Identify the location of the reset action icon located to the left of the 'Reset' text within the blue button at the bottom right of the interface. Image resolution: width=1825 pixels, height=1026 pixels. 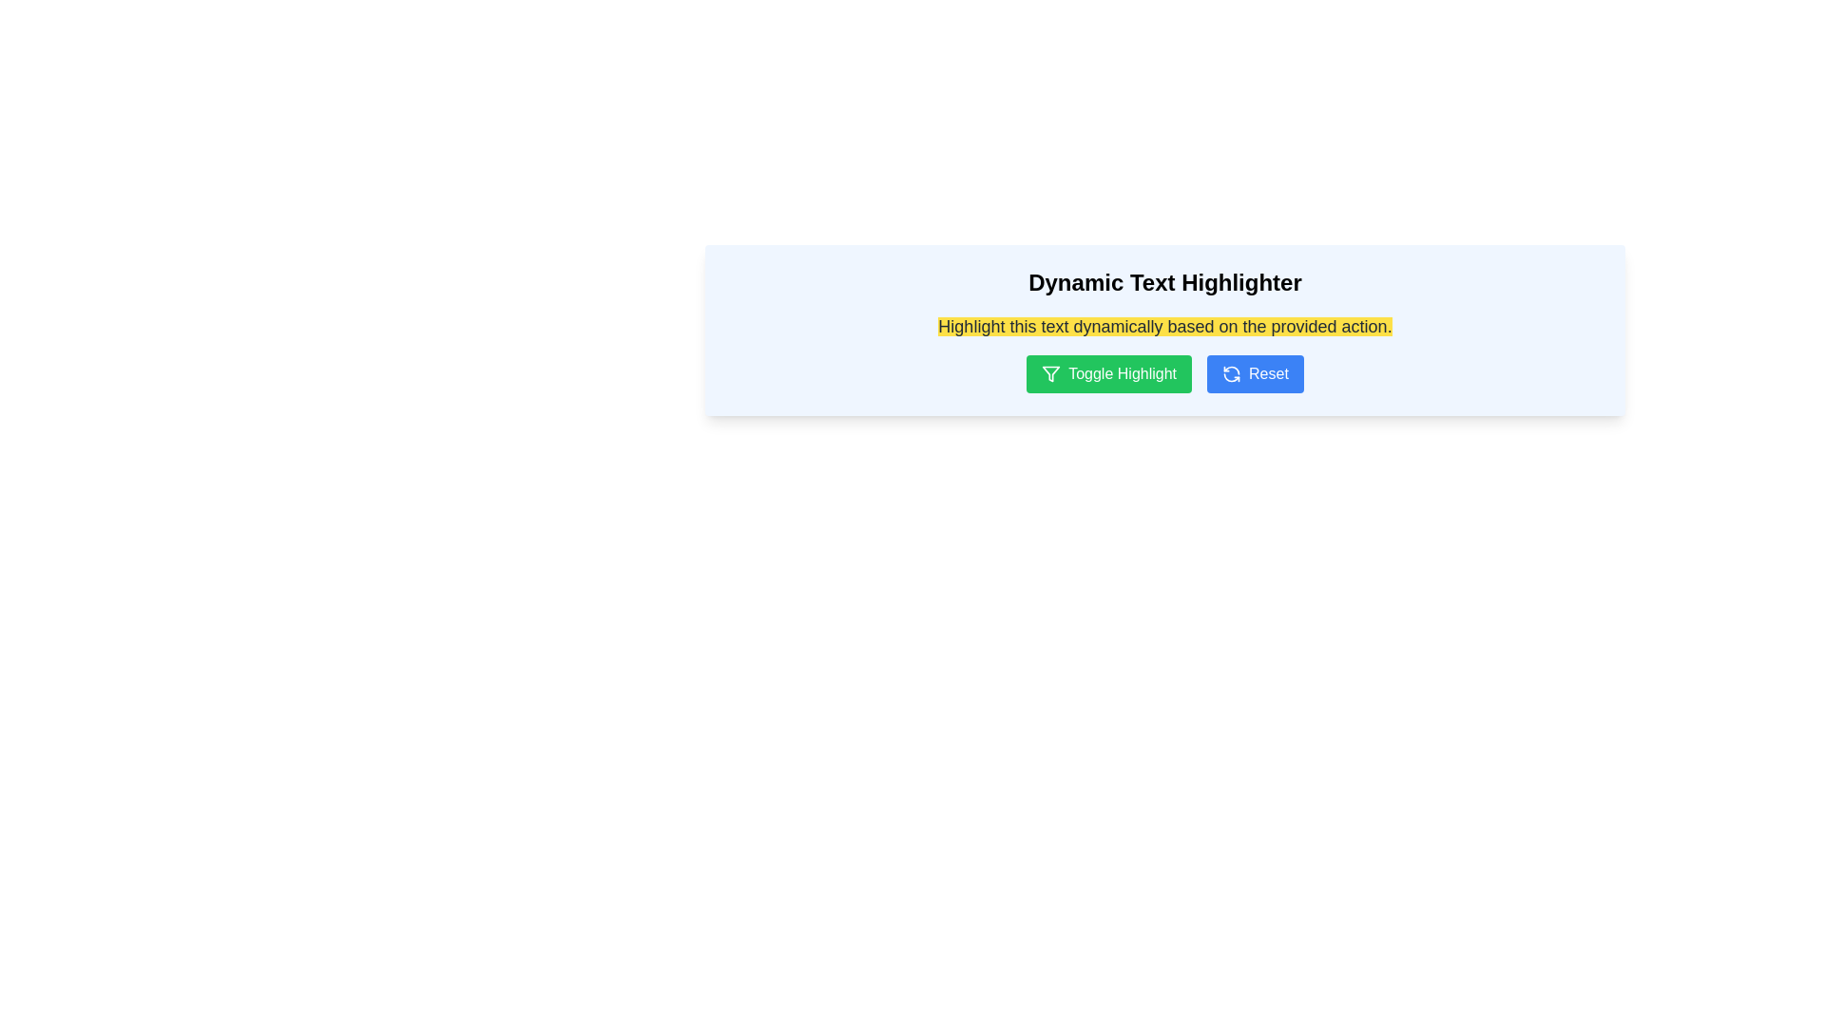
(1232, 373).